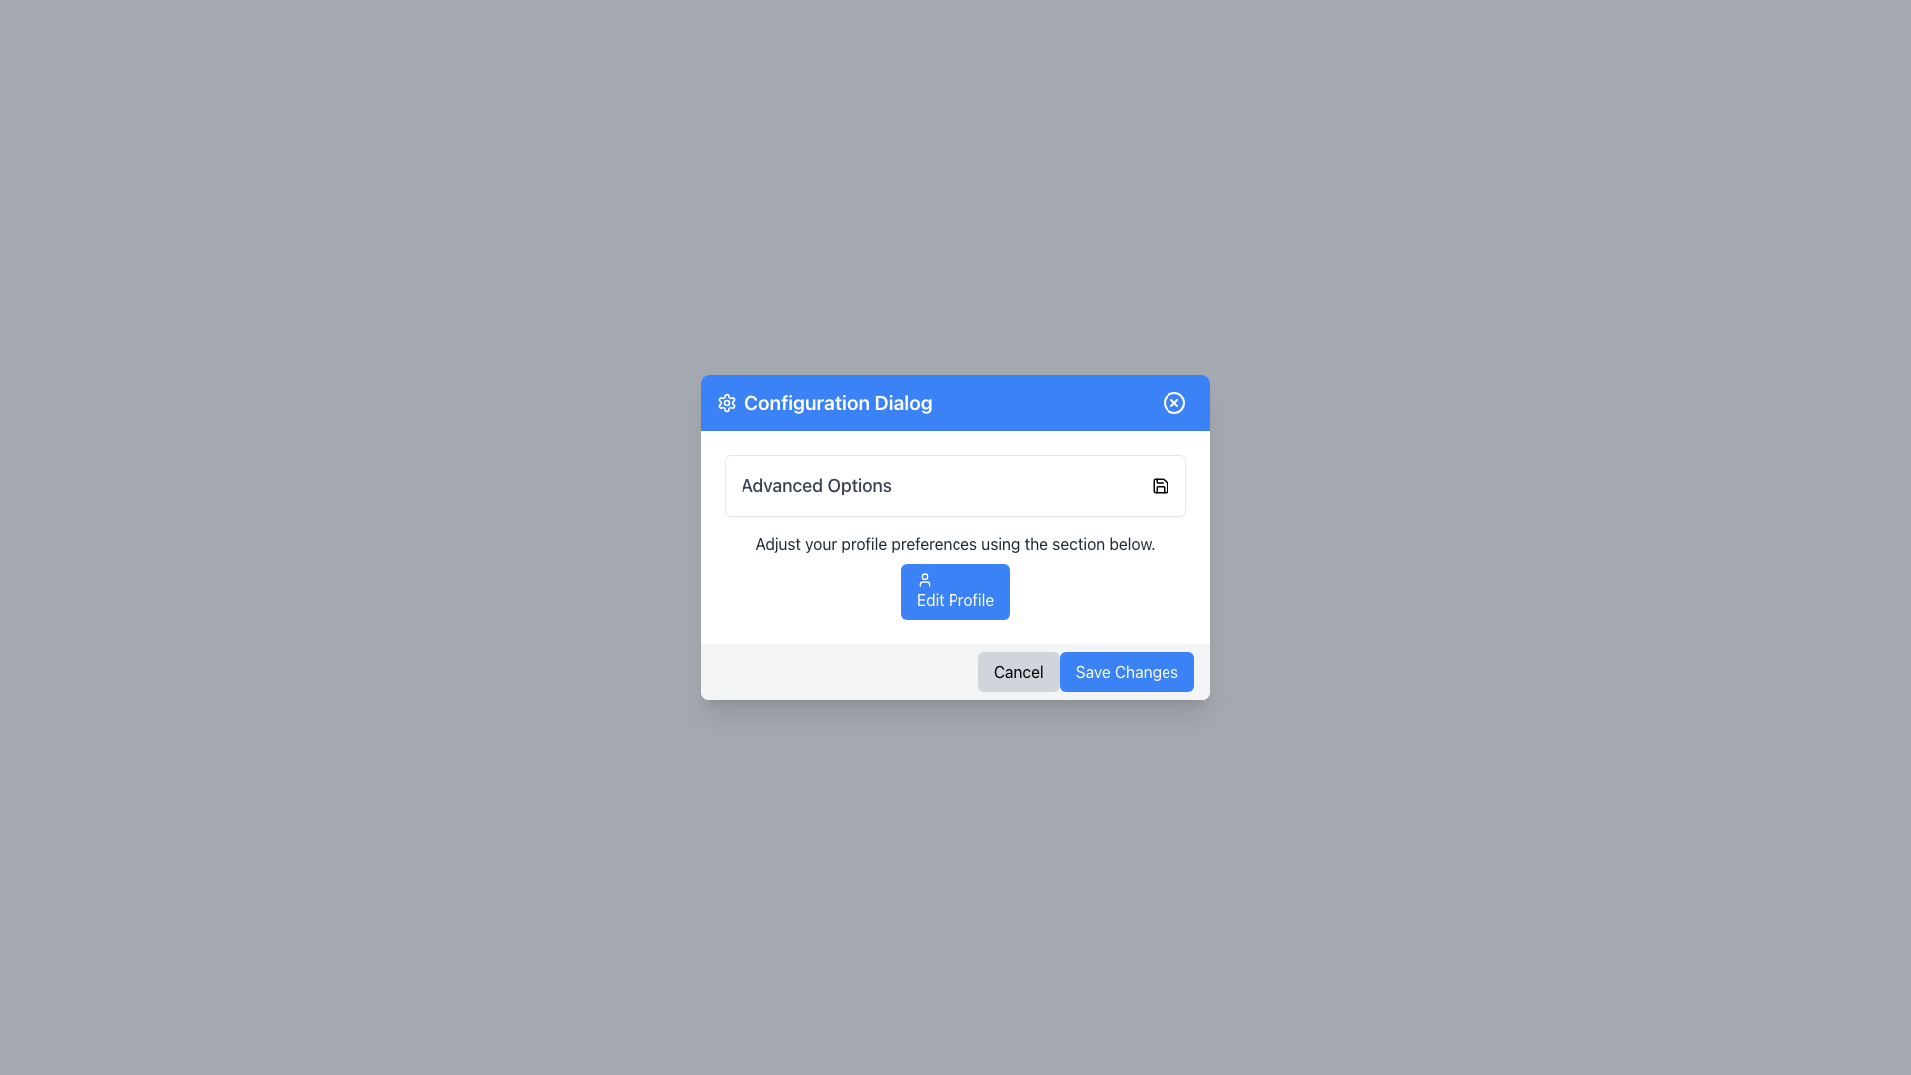 The height and width of the screenshot is (1075, 1911). Describe the element at coordinates (725, 403) in the screenshot. I see `the small blue gear icon located to the left of the text 'Configuration Dialog' at the top-left corner of the dialog box` at that location.